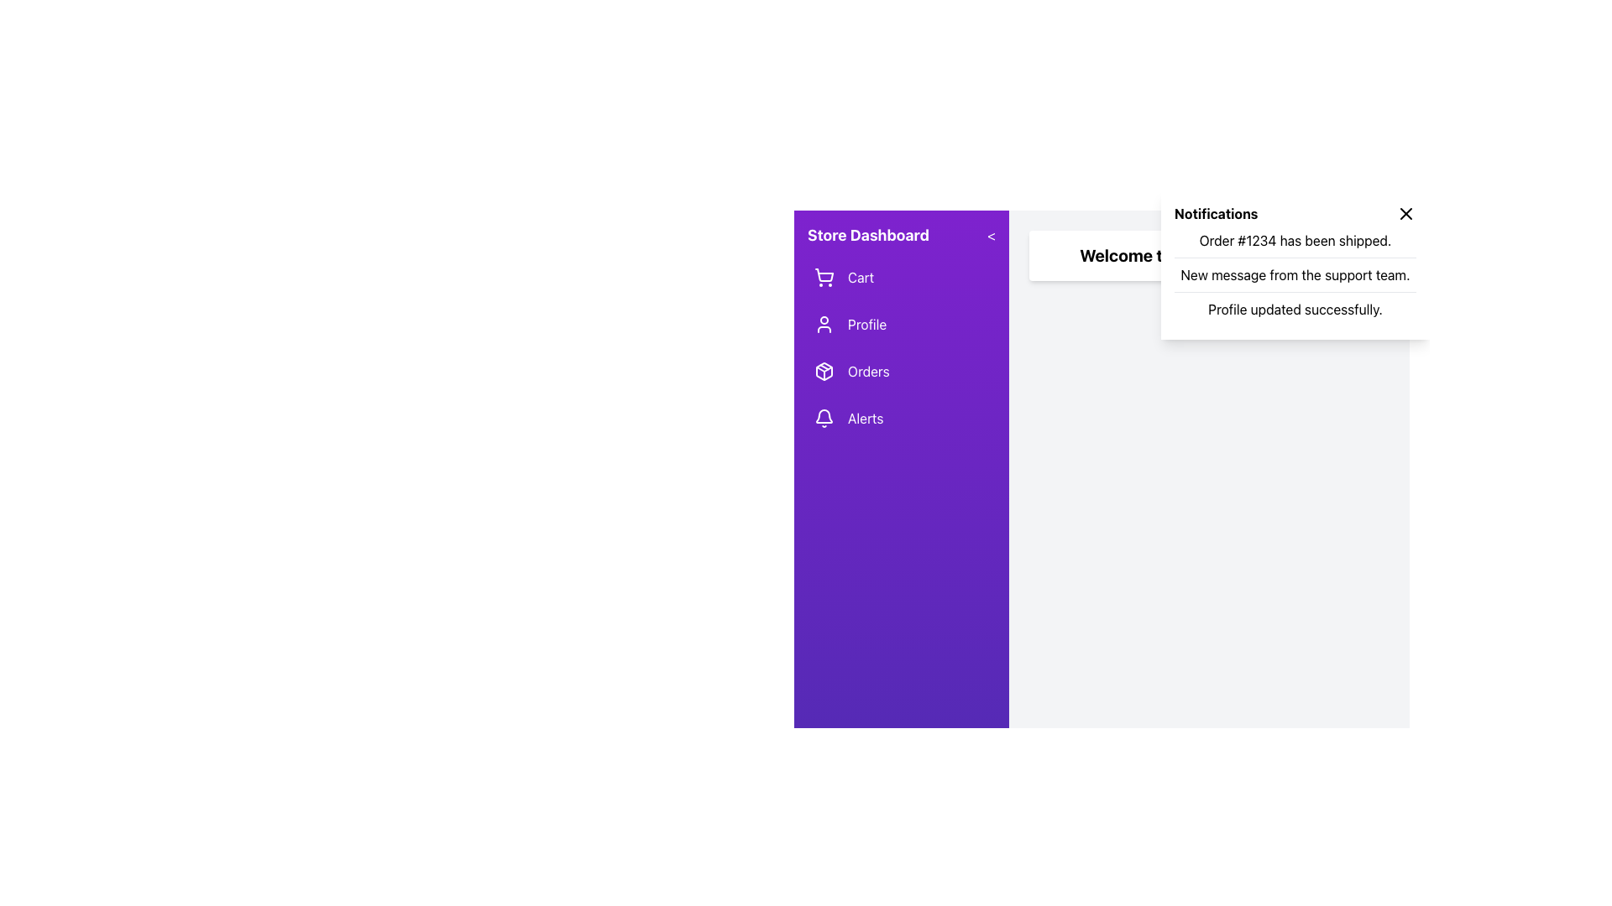  I want to click on the 'Alerts' icon located on the left sidebar, which is the left-most icon within the 'Alerts' menu item, so click(824, 417).